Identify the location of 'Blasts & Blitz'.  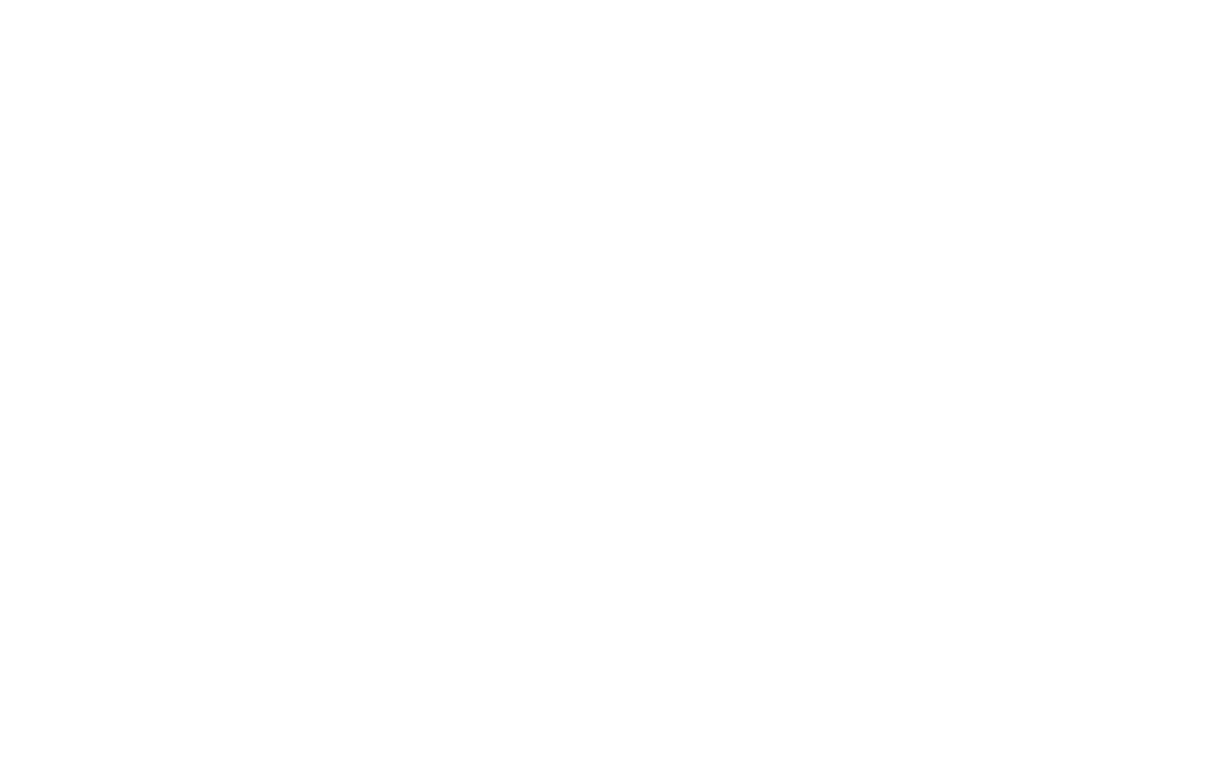
(246, 203).